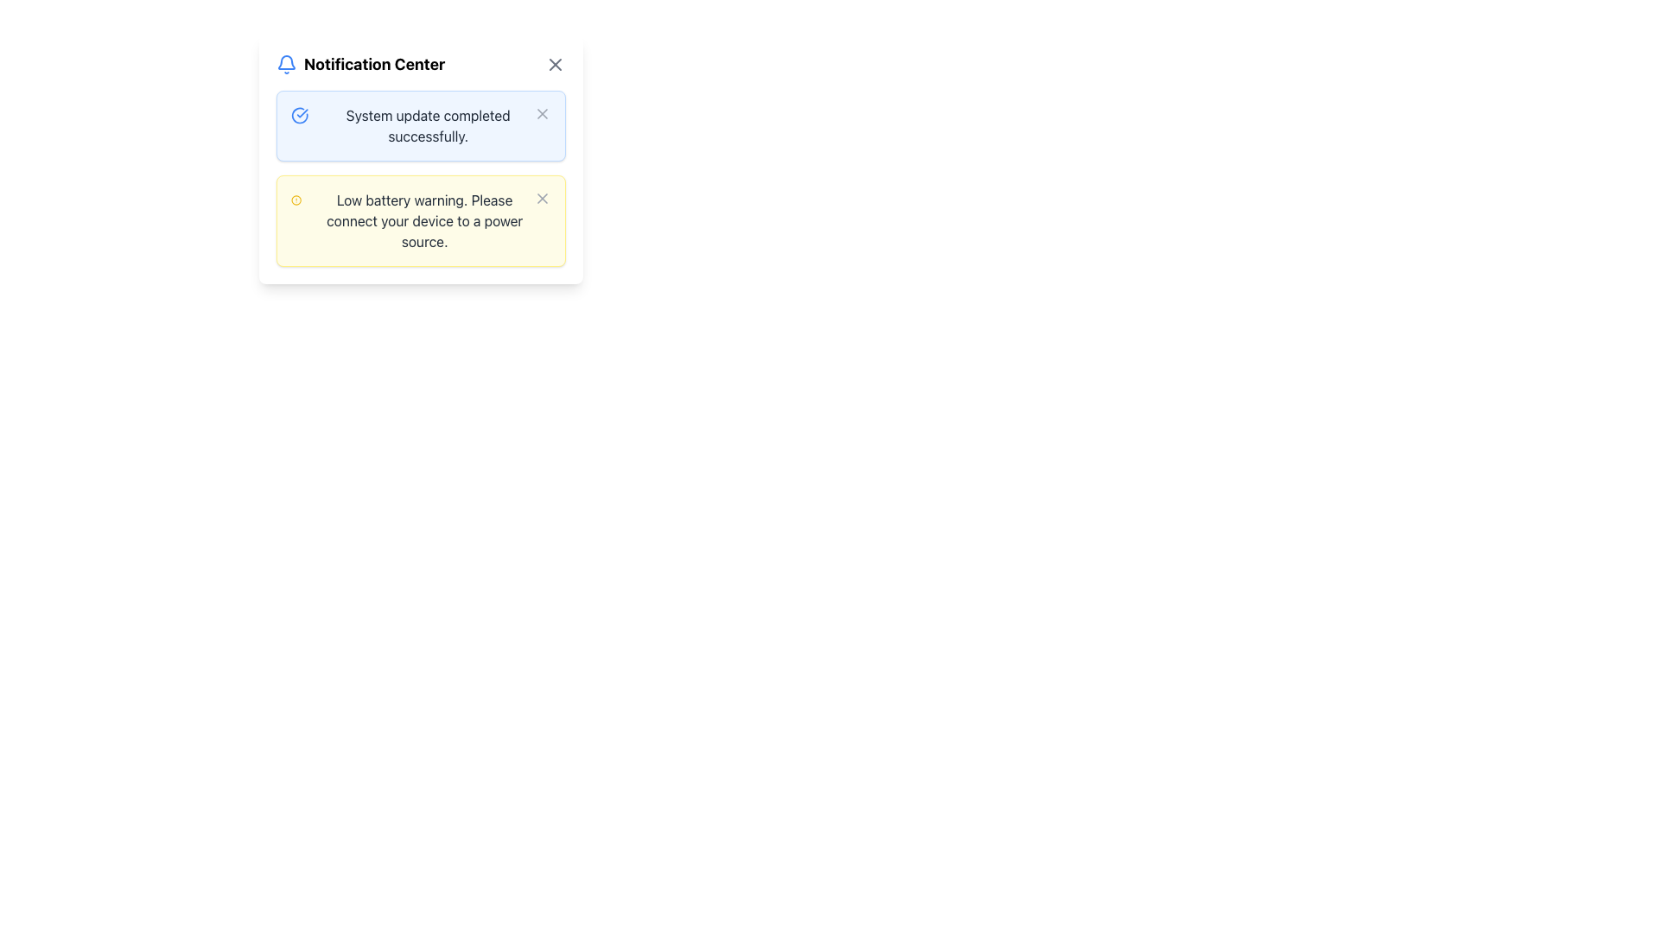  What do you see at coordinates (428, 125) in the screenshot?
I see `the text label displaying 'System update completed successfully.' which is located in the notification box` at bounding box center [428, 125].